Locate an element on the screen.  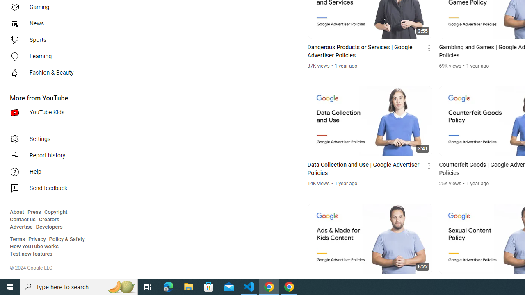
'YouTube Kids' is located at coordinates (46, 113).